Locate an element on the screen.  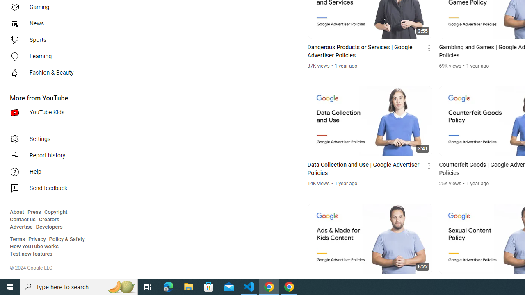
'YouTube Kids' is located at coordinates (46, 113).